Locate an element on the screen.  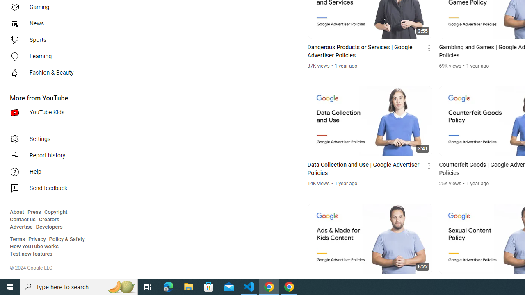
'YouTube Kids' is located at coordinates (46, 113).